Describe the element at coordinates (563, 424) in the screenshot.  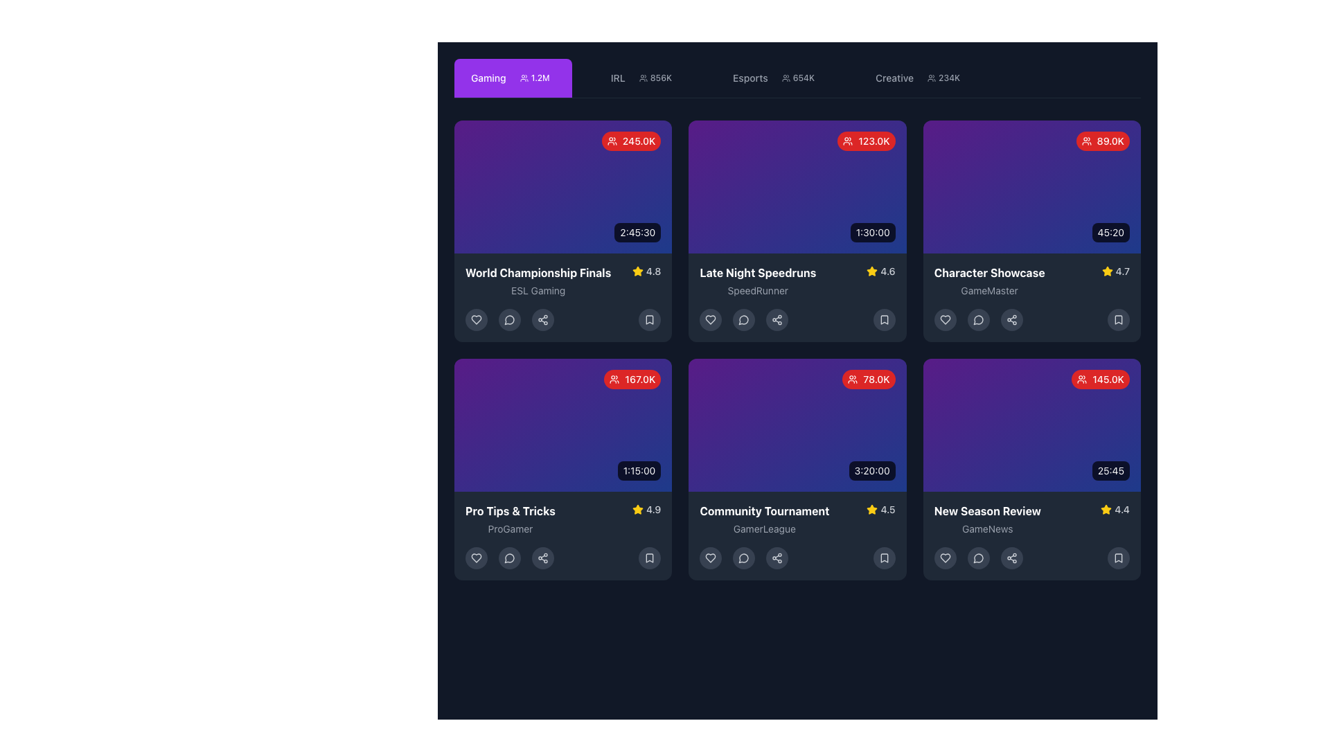
I see `the third card in the second row of the grid layout` at that location.